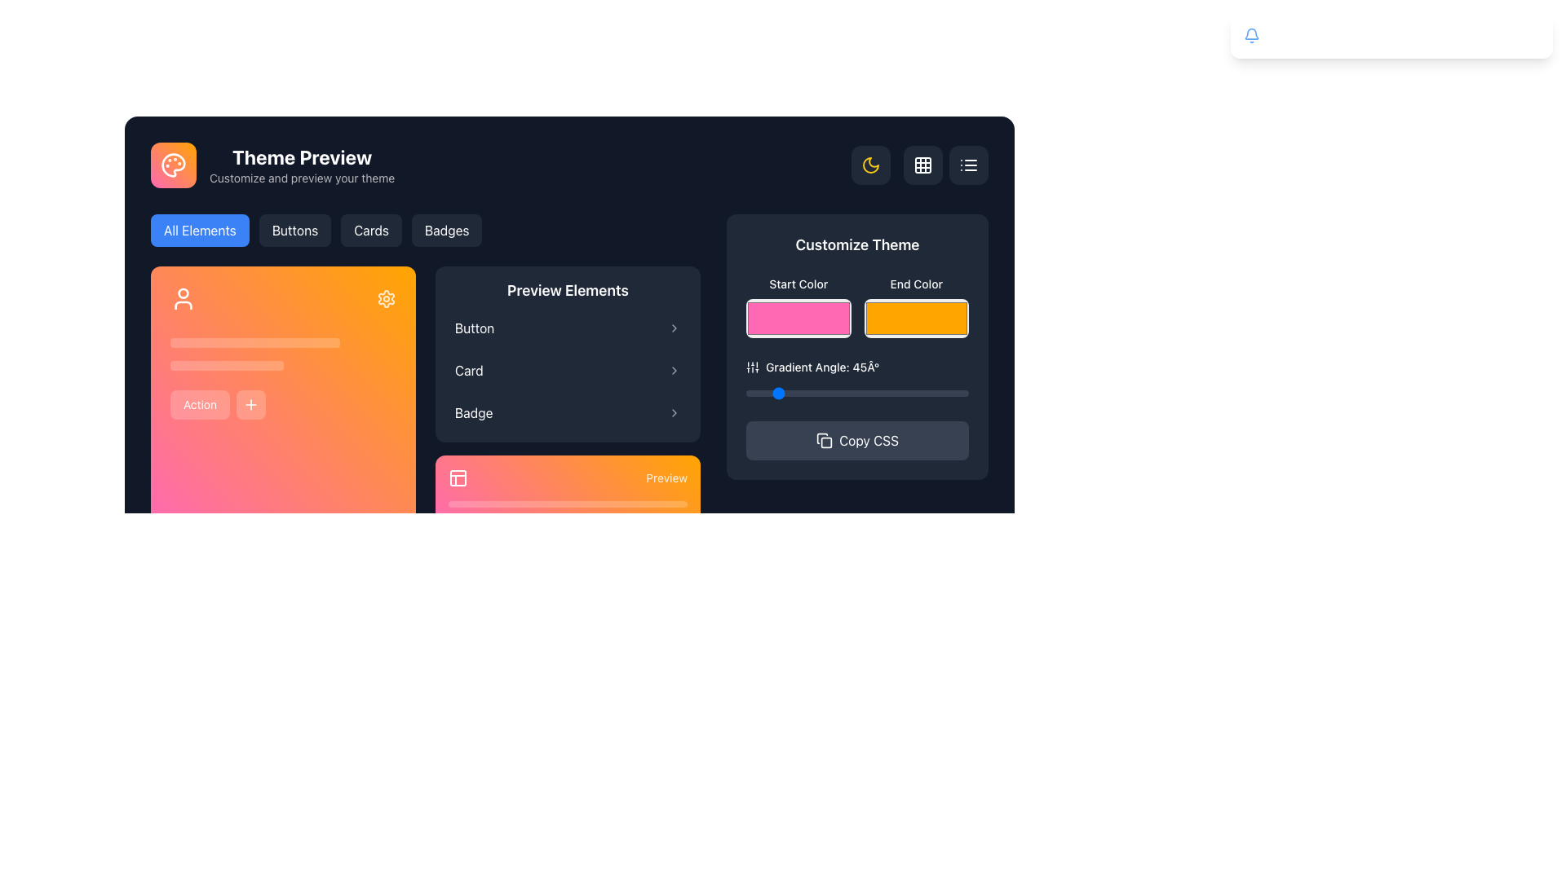 This screenshot has width=1566, height=880. Describe the element at coordinates (798, 283) in the screenshot. I see `the label indicating the start color in the Customize Theme section, which is located in the top-left corner above the color input field` at that location.